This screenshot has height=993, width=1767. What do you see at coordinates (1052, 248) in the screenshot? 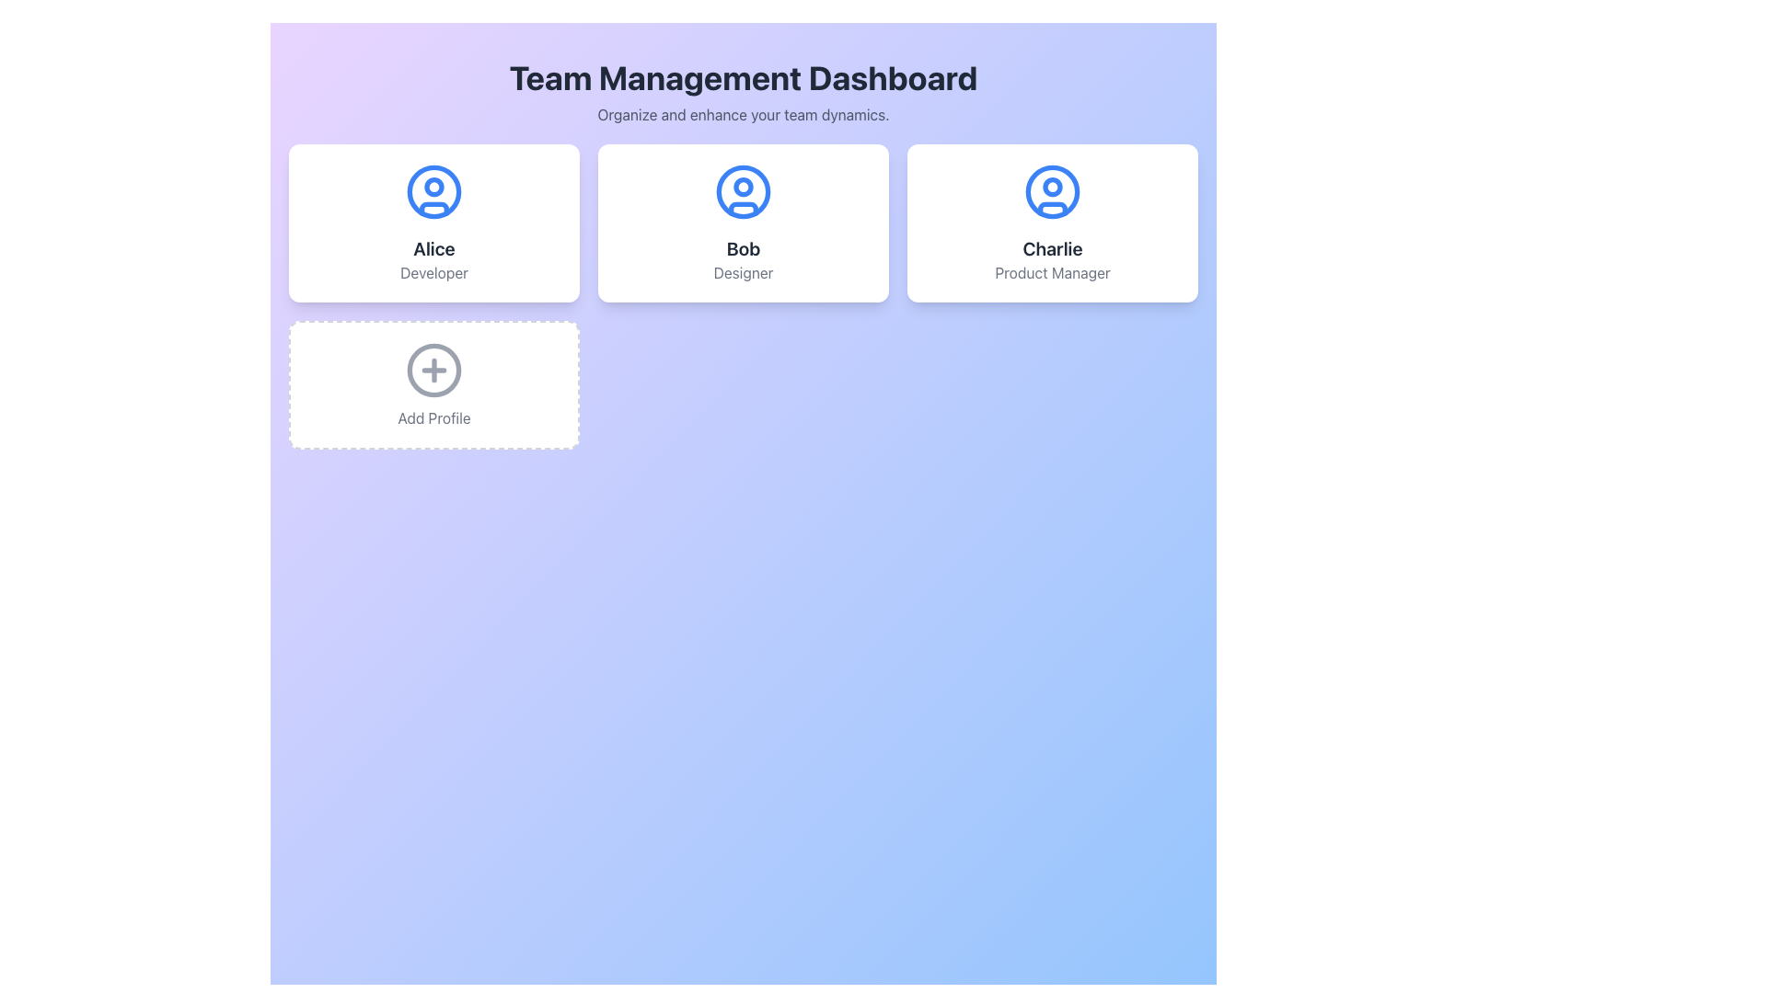
I see `the static text label displaying the user's name 'Charlie - Product Manager' located in the top-right of the profile card` at bounding box center [1052, 248].